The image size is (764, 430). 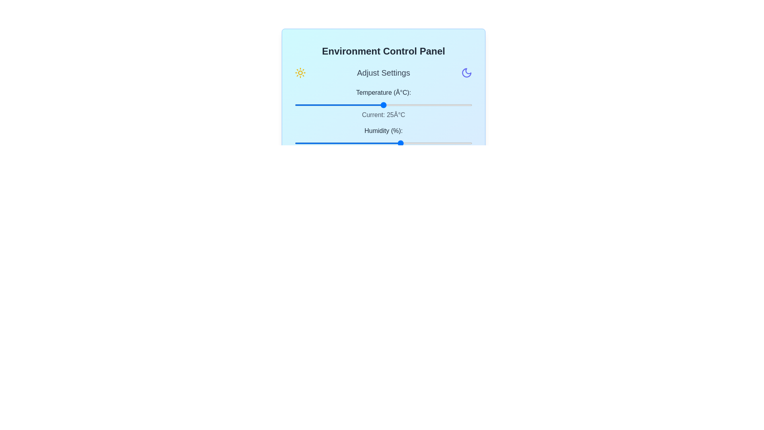 What do you see at coordinates (413, 143) in the screenshot?
I see `the humidity slider to 67%` at bounding box center [413, 143].